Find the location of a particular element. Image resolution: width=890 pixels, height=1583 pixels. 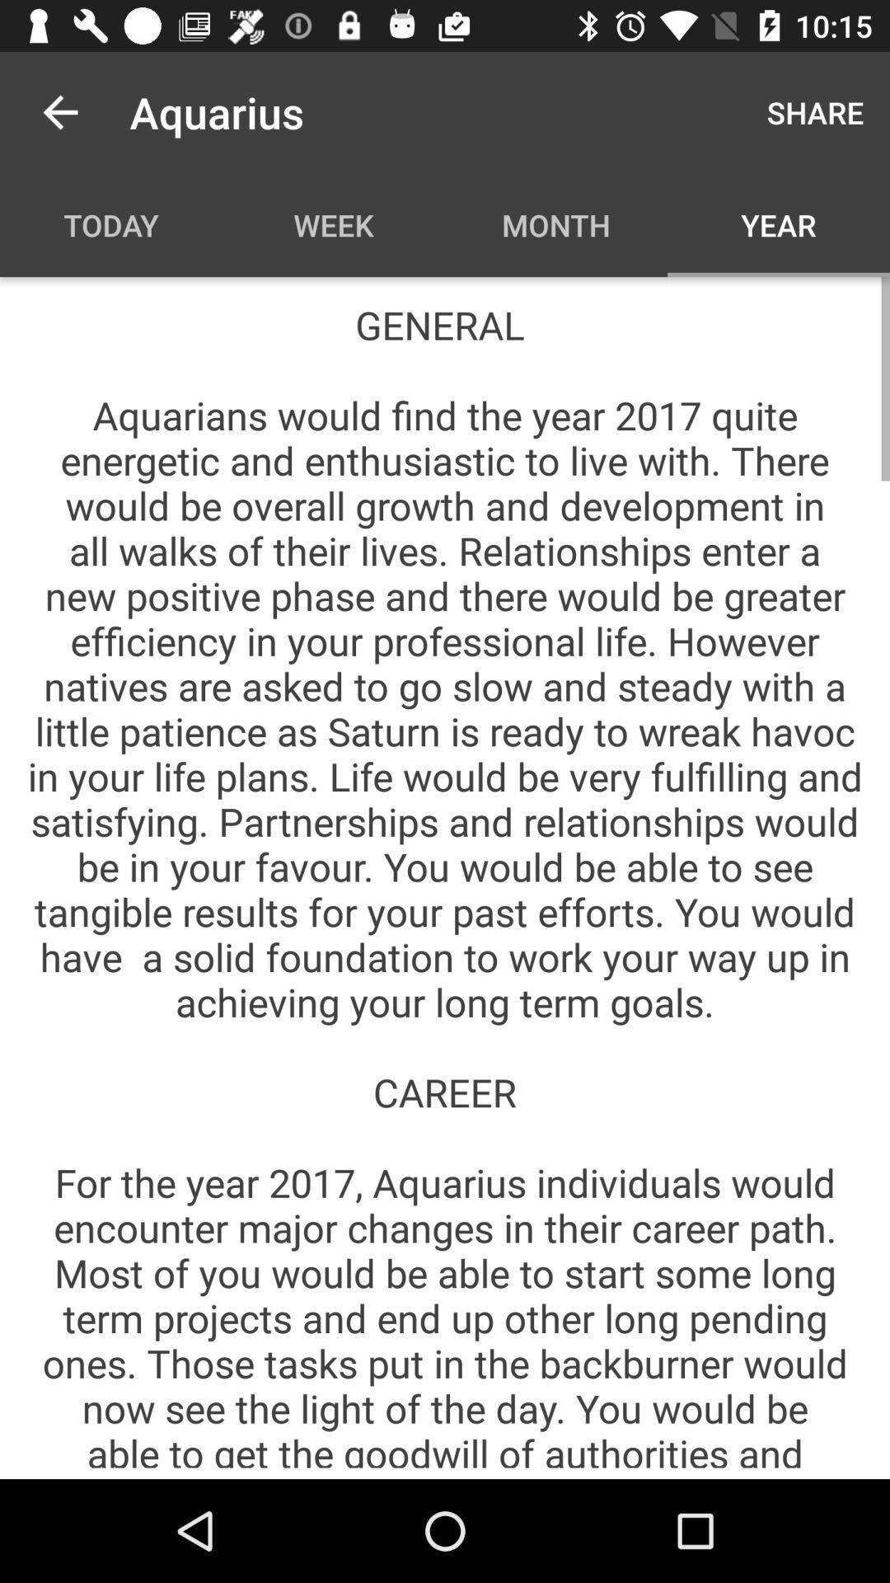

the share item is located at coordinates (814, 111).